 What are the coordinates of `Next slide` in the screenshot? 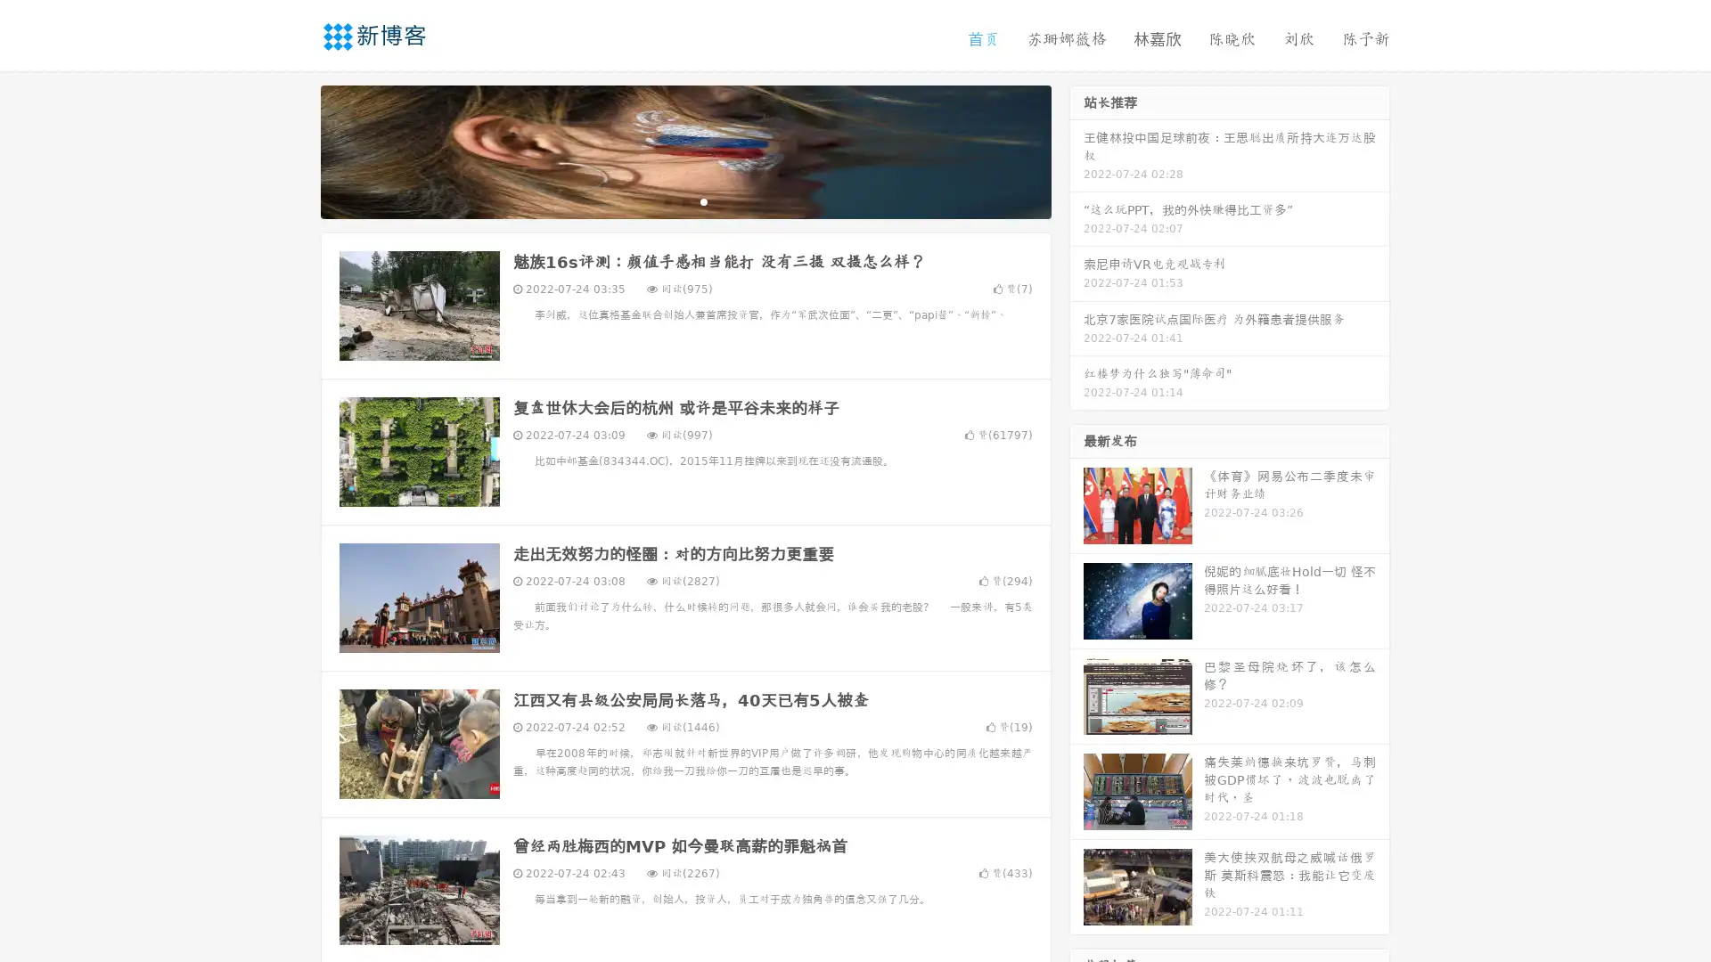 It's located at (1077, 150).